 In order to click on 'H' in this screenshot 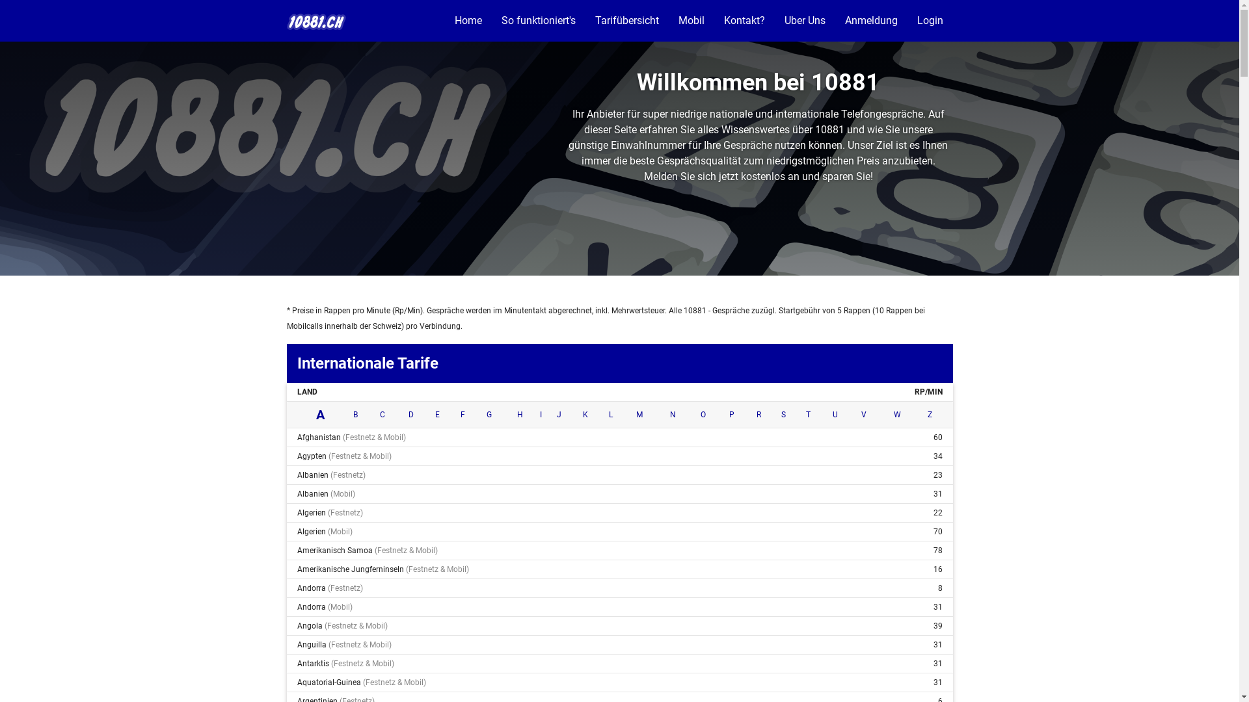, I will do `click(515, 414)`.